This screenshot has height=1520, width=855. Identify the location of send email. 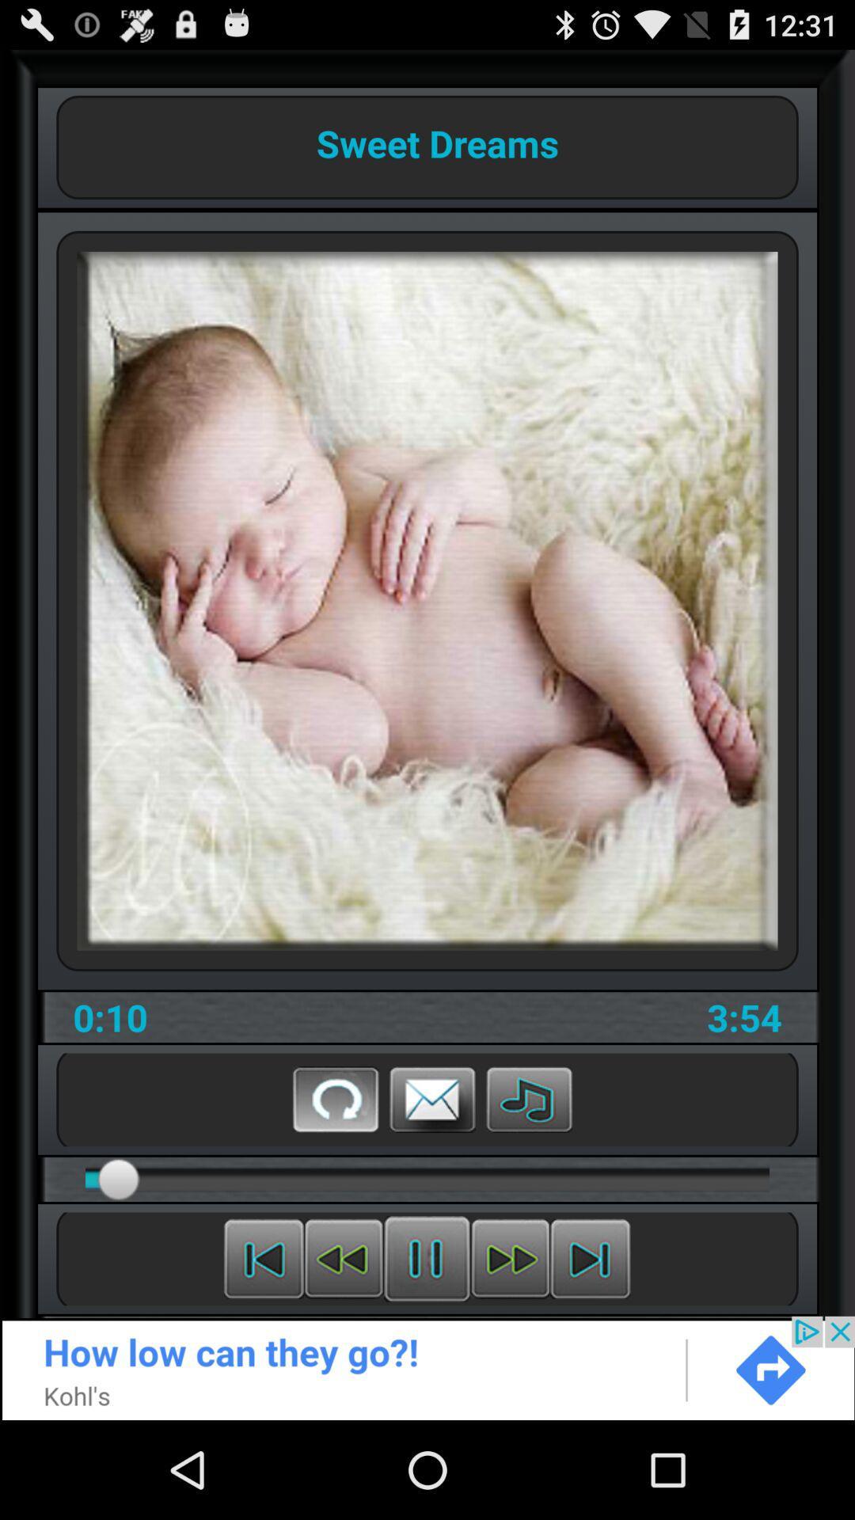
(432, 1098).